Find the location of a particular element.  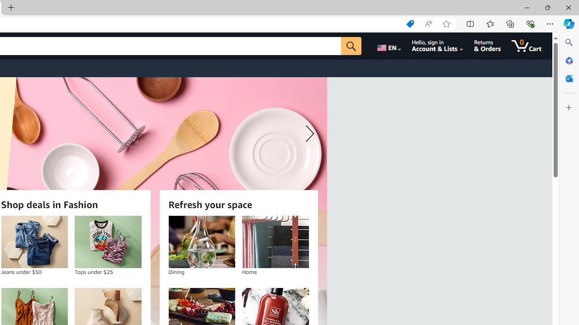

'Next slide' is located at coordinates (308, 134).